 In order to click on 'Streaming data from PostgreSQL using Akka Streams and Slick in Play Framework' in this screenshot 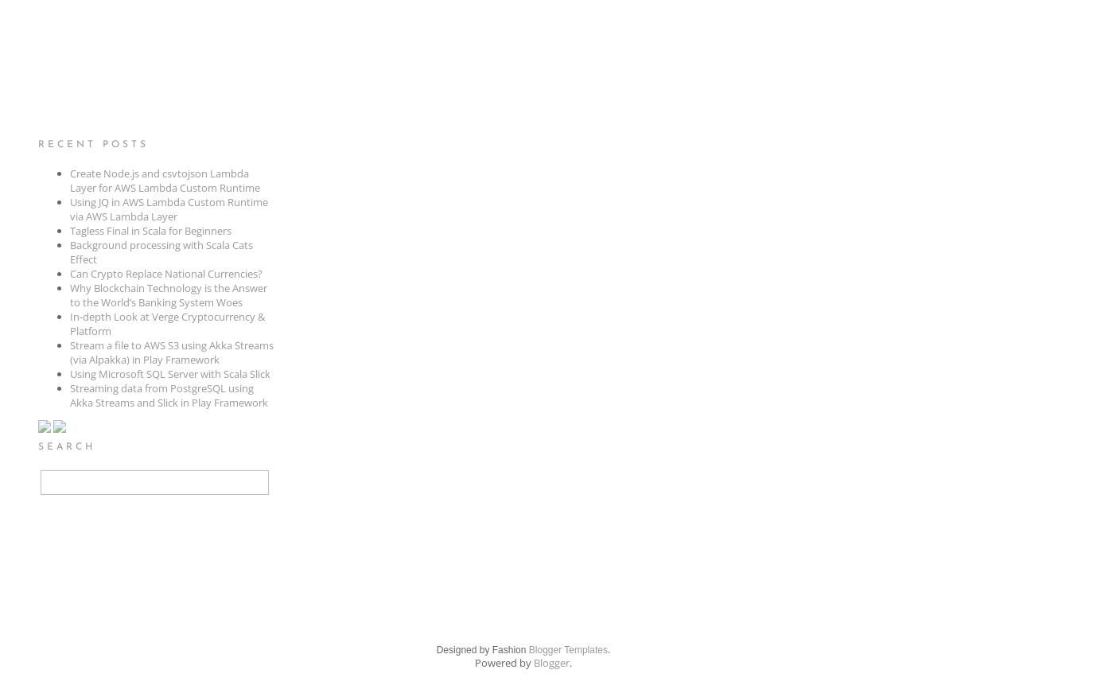, I will do `click(68, 395)`.